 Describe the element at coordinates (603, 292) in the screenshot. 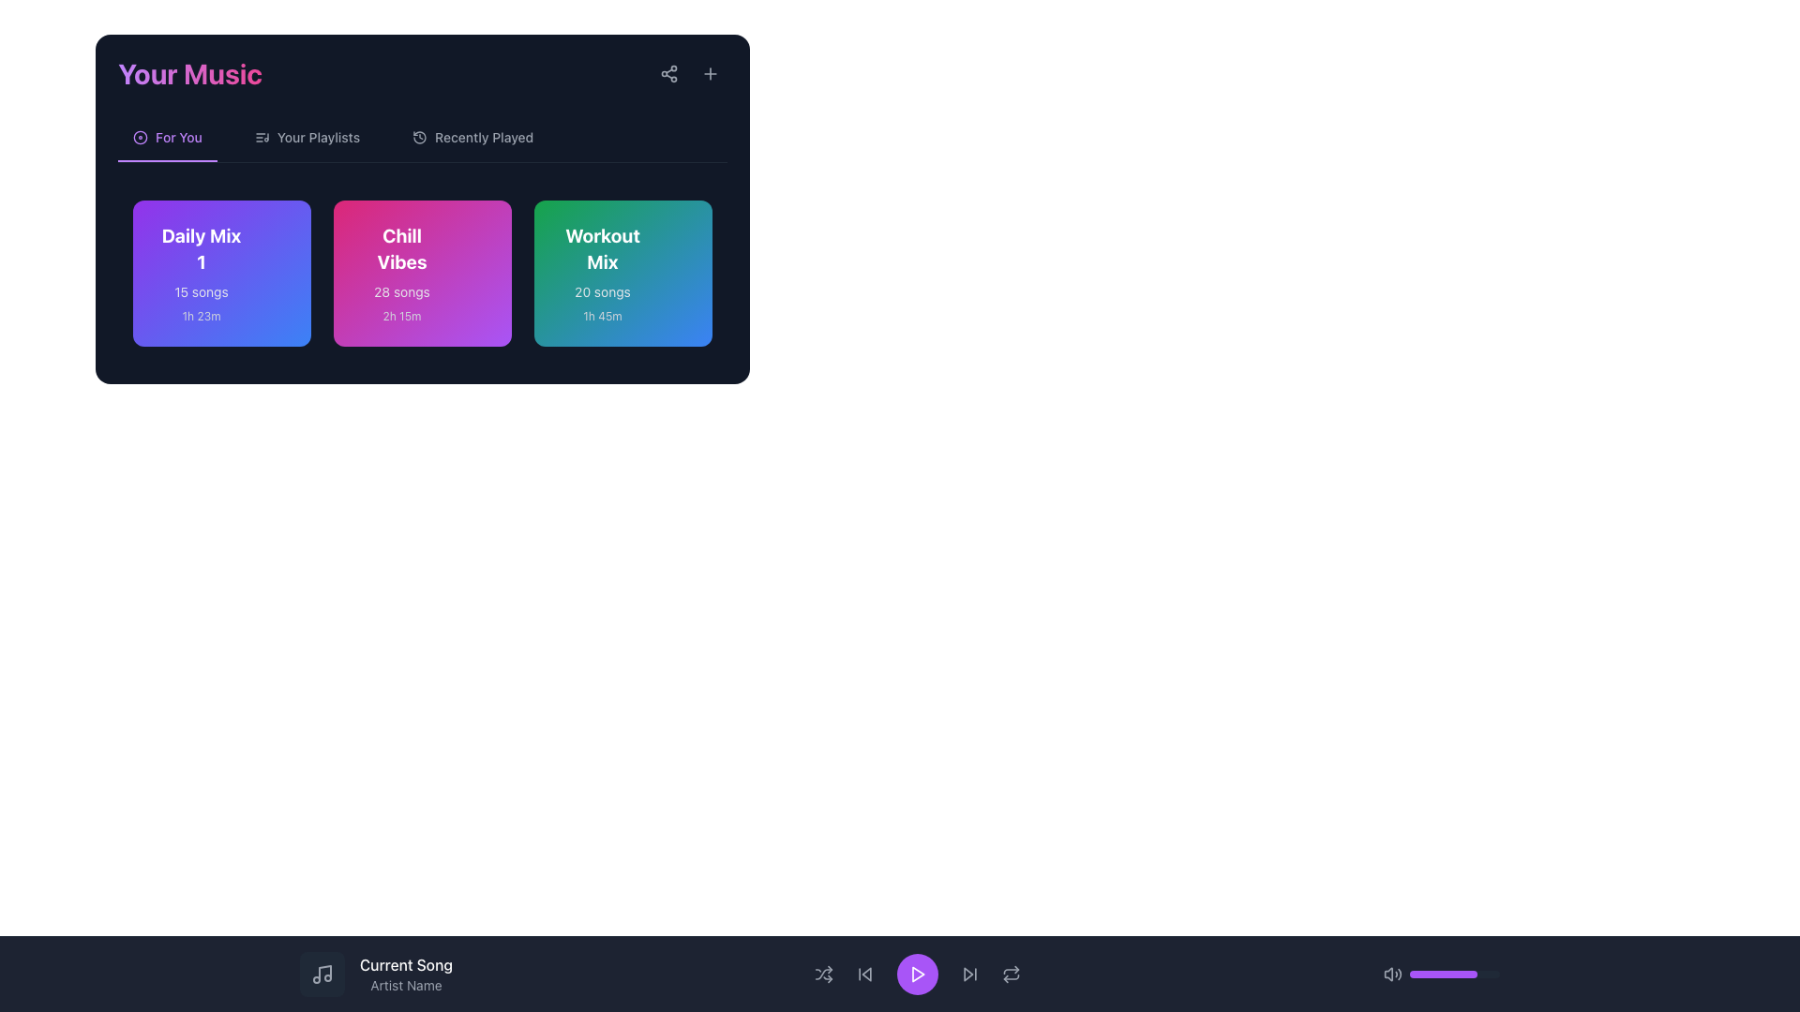

I see `the text label displaying '20 songs' located underneath the title 'Workout Mix' within the card layout` at that location.